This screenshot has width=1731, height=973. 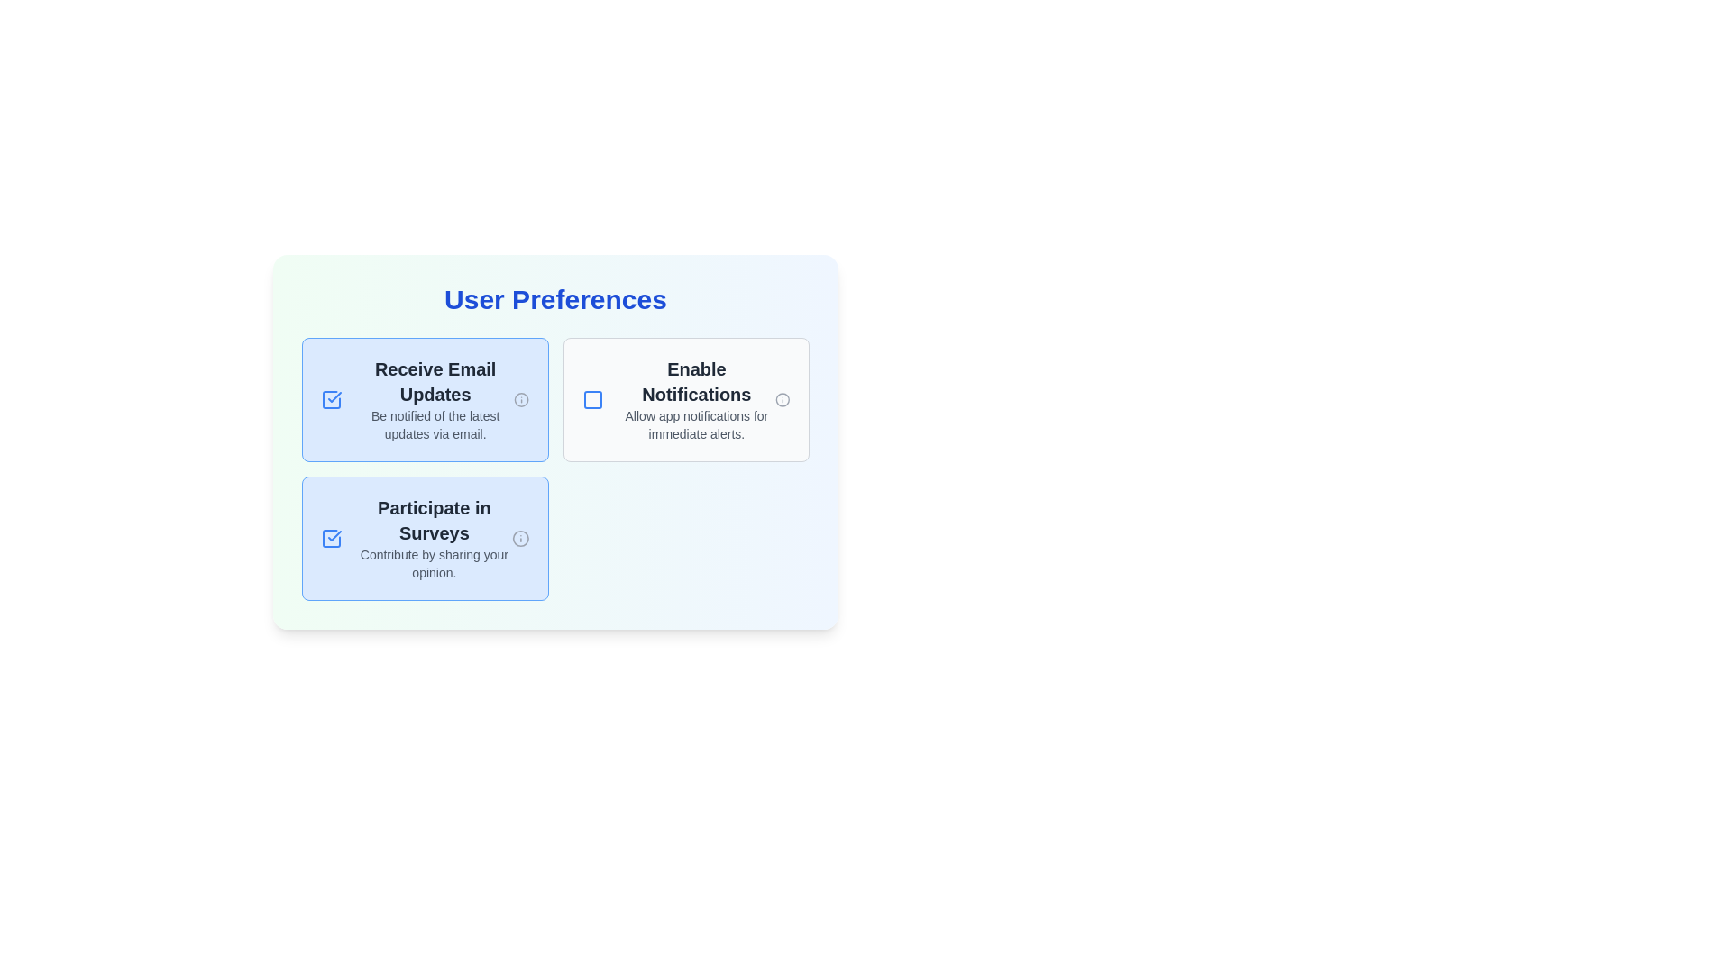 What do you see at coordinates (424, 398) in the screenshot?
I see `the checkbox on the interactive card in the 'User Preferences' section` at bounding box center [424, 398].